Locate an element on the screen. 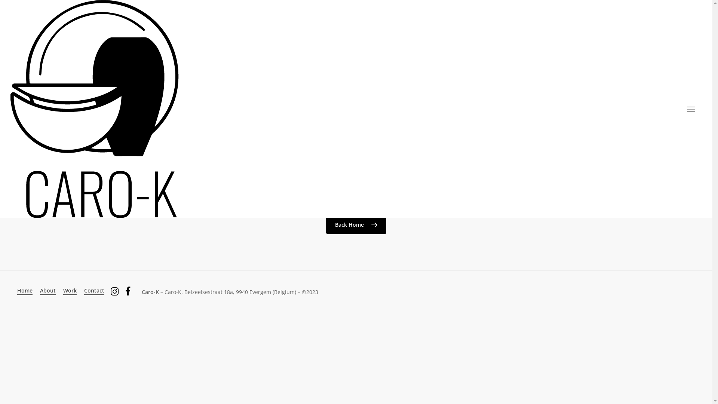 The height and width of the screenshot is (404, 718). 'Work' is located at coordinates (70, 290).